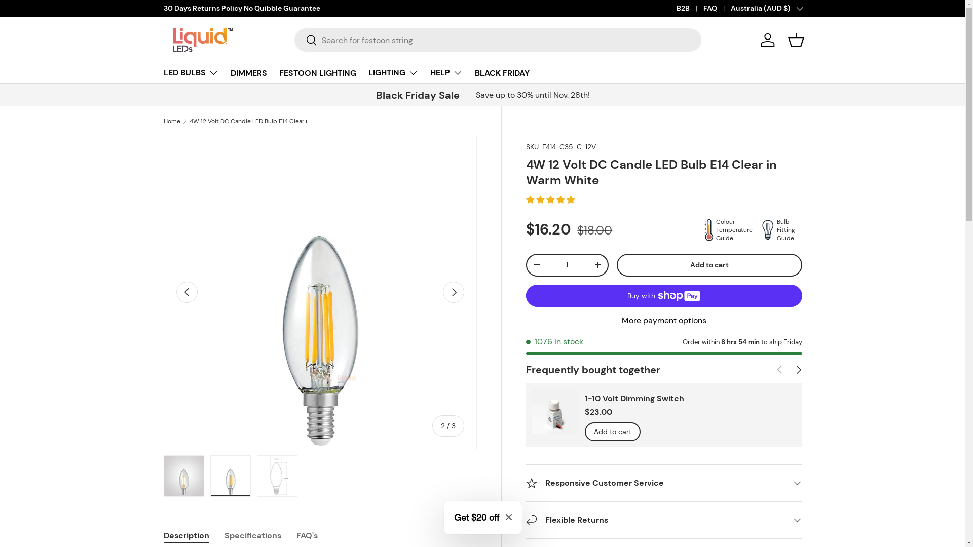 The image size is (973, 547). I want to click on 'No Quibble Guarantee', so click(281, 8).